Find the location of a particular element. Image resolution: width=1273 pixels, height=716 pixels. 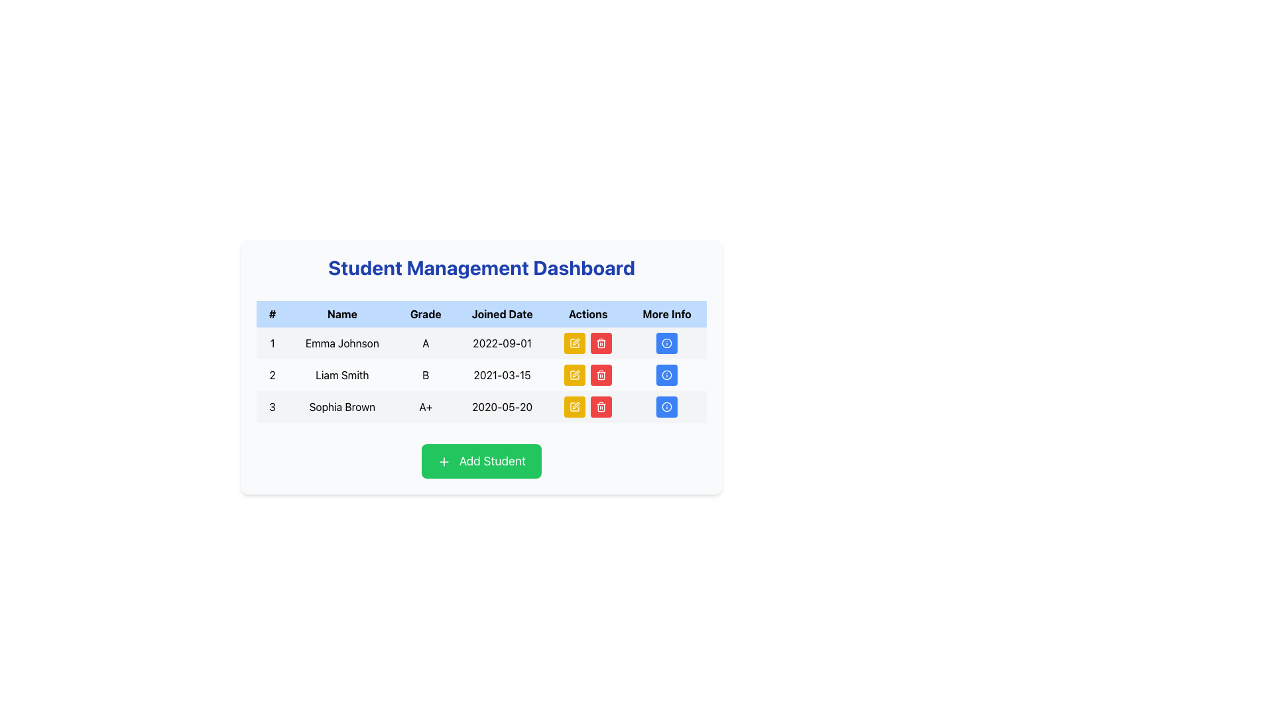

the 'edit' button icon represented by a pen graphic is located at coordinates (576, 373).